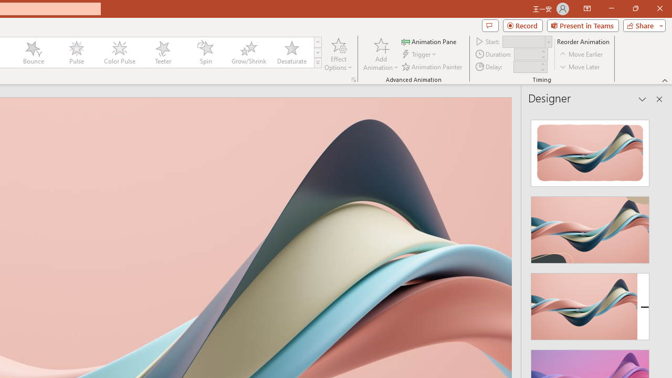 This screenshot has width=672, height=378. I want to click on 'Animation Pane', so click(429, 41).